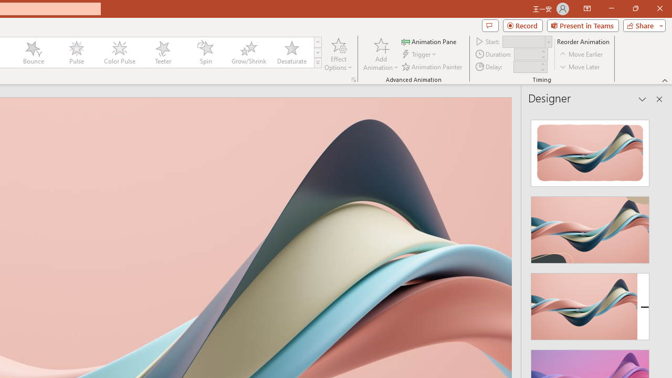 This screenshot has width=672, height=378. I want to click on 'Animation Pane', so click(429, 41).